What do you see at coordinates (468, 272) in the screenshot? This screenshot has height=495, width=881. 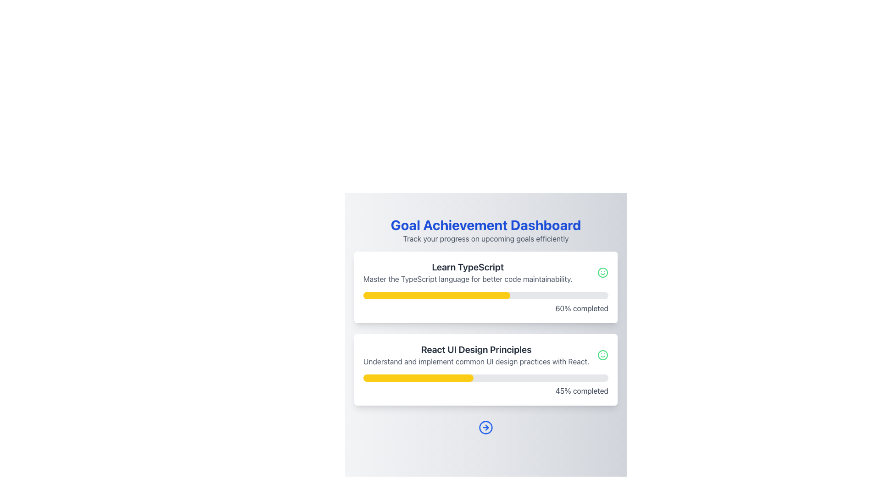 I see `static content block with the header 'Learn TypeScript' and subtitle 'Master the TypeScript language for better code maintainability.'` at bounding box center [468, 272].